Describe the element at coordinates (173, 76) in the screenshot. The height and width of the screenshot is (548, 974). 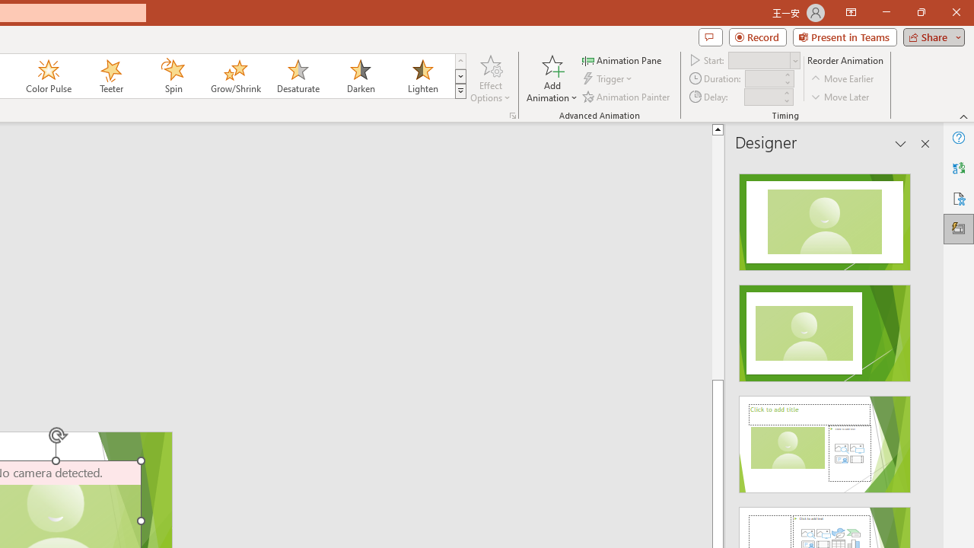
I see `'Spin'` at that location.